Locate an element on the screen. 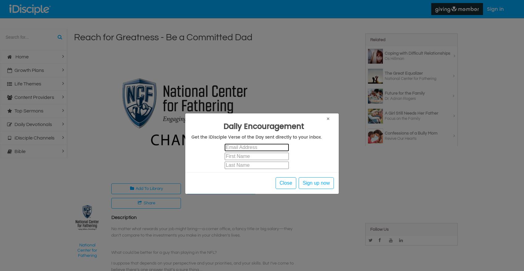 This screenshot has width=524, height=271. ';' is located at coordinates (0, 3).